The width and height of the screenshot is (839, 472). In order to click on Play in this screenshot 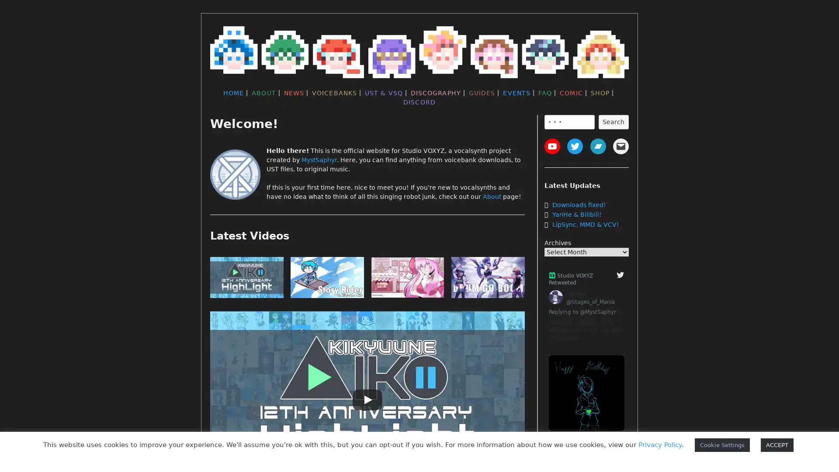, I will do `click(367, 399)`.